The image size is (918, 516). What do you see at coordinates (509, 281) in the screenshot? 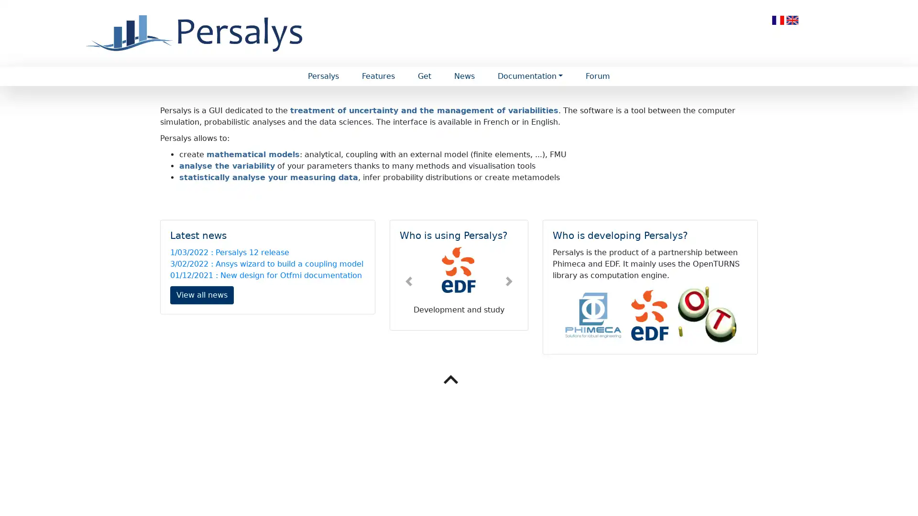
I see `Next` at bounding box center [509, 281].